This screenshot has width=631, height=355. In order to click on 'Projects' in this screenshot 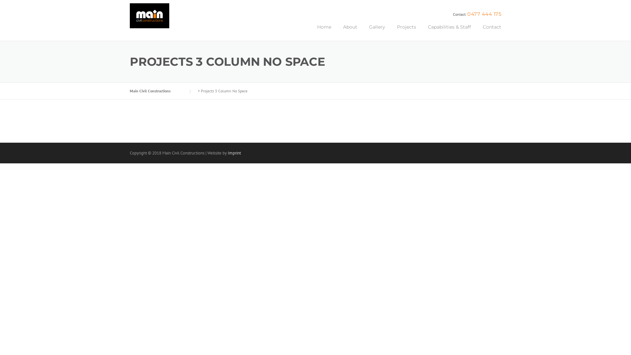, I will do `click(406, 32)`.